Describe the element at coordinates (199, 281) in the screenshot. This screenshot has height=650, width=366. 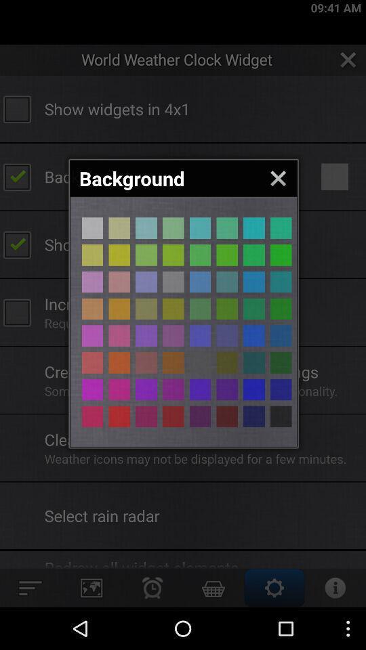
I see `color button` at that location.